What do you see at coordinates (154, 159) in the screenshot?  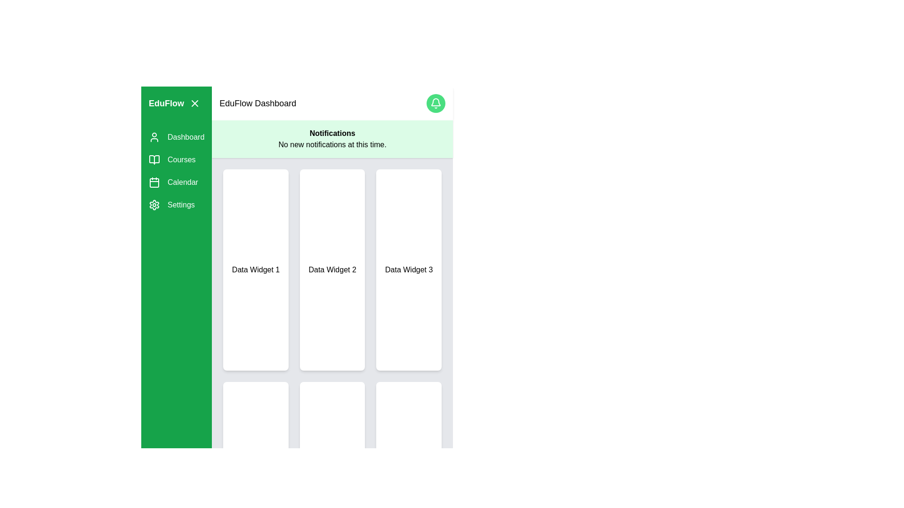 I see `the open book icon in the sidebar navigation menu` at bounding box center [154, 159].